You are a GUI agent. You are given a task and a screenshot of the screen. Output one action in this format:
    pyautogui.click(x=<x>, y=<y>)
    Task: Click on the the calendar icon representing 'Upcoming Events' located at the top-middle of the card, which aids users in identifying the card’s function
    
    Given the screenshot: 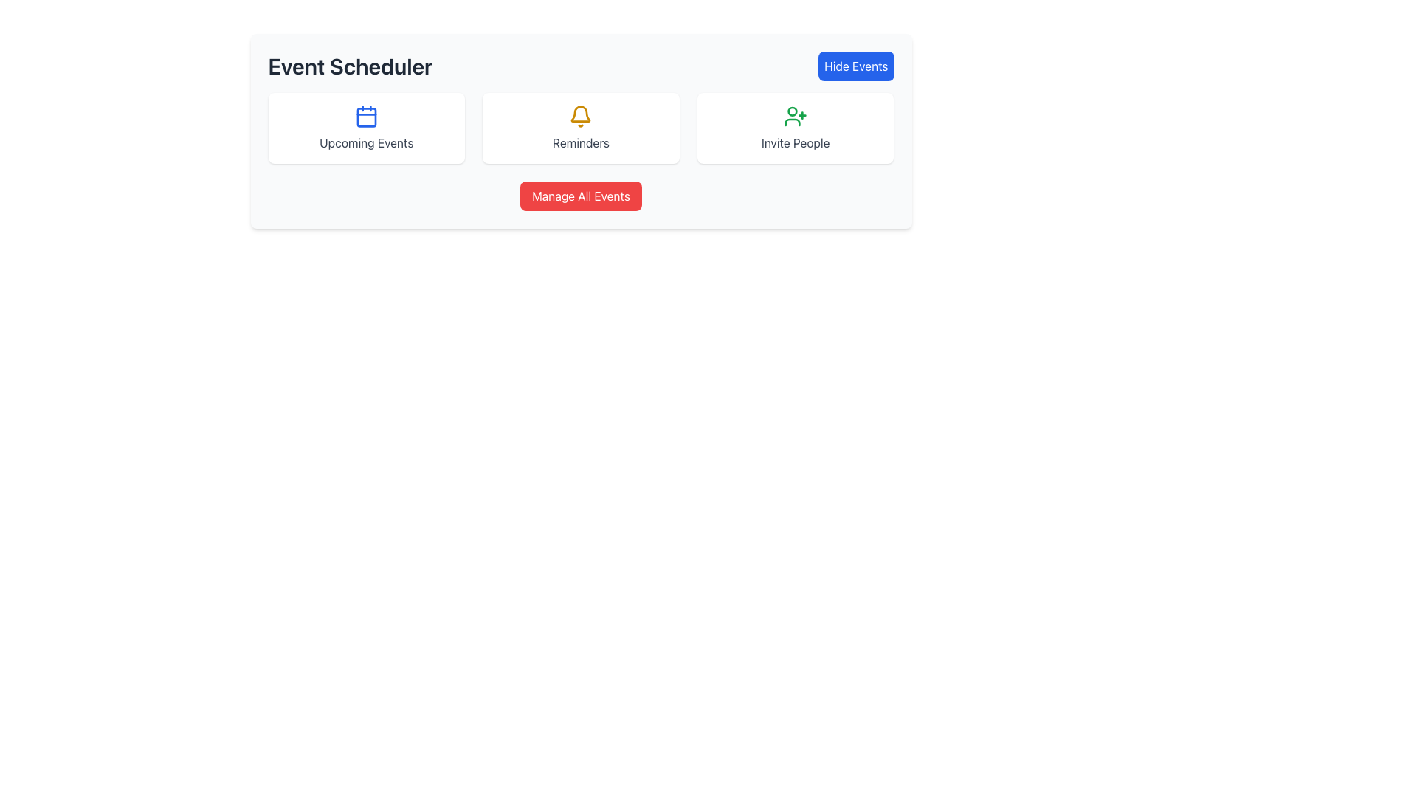 What is the action you would take?
    pyautogui.click(x=366, y=116)
    